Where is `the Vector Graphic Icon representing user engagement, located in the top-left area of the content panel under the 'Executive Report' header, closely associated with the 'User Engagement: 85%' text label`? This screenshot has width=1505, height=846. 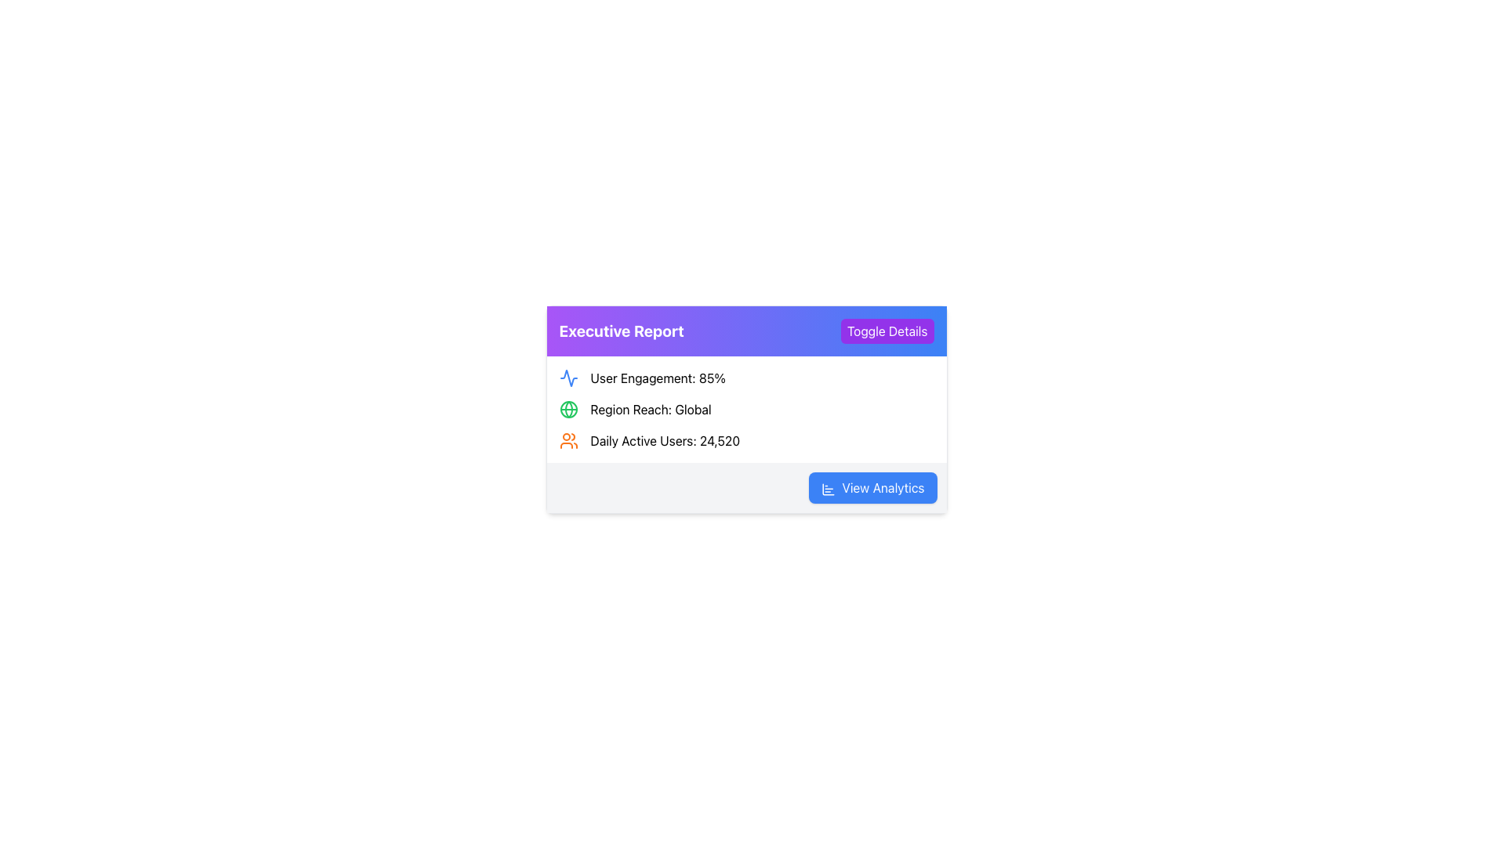 the Vector Graphic Icon representing user engagement, located in the top-left area of the content panel under the 'Executive Report' header, closely associated with the 'User Engagement: 85%' text label is located at coordinates (568, 378).